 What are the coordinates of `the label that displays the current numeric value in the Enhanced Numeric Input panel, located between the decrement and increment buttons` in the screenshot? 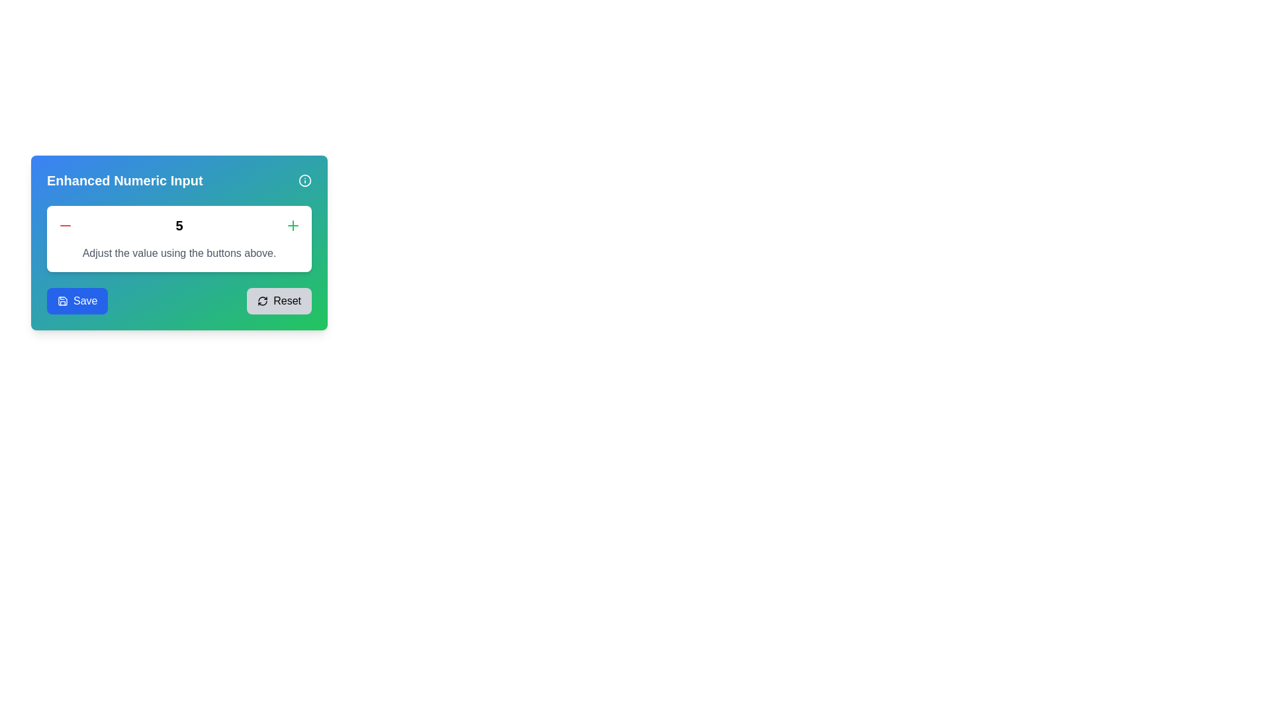 It's located at (178, 224).